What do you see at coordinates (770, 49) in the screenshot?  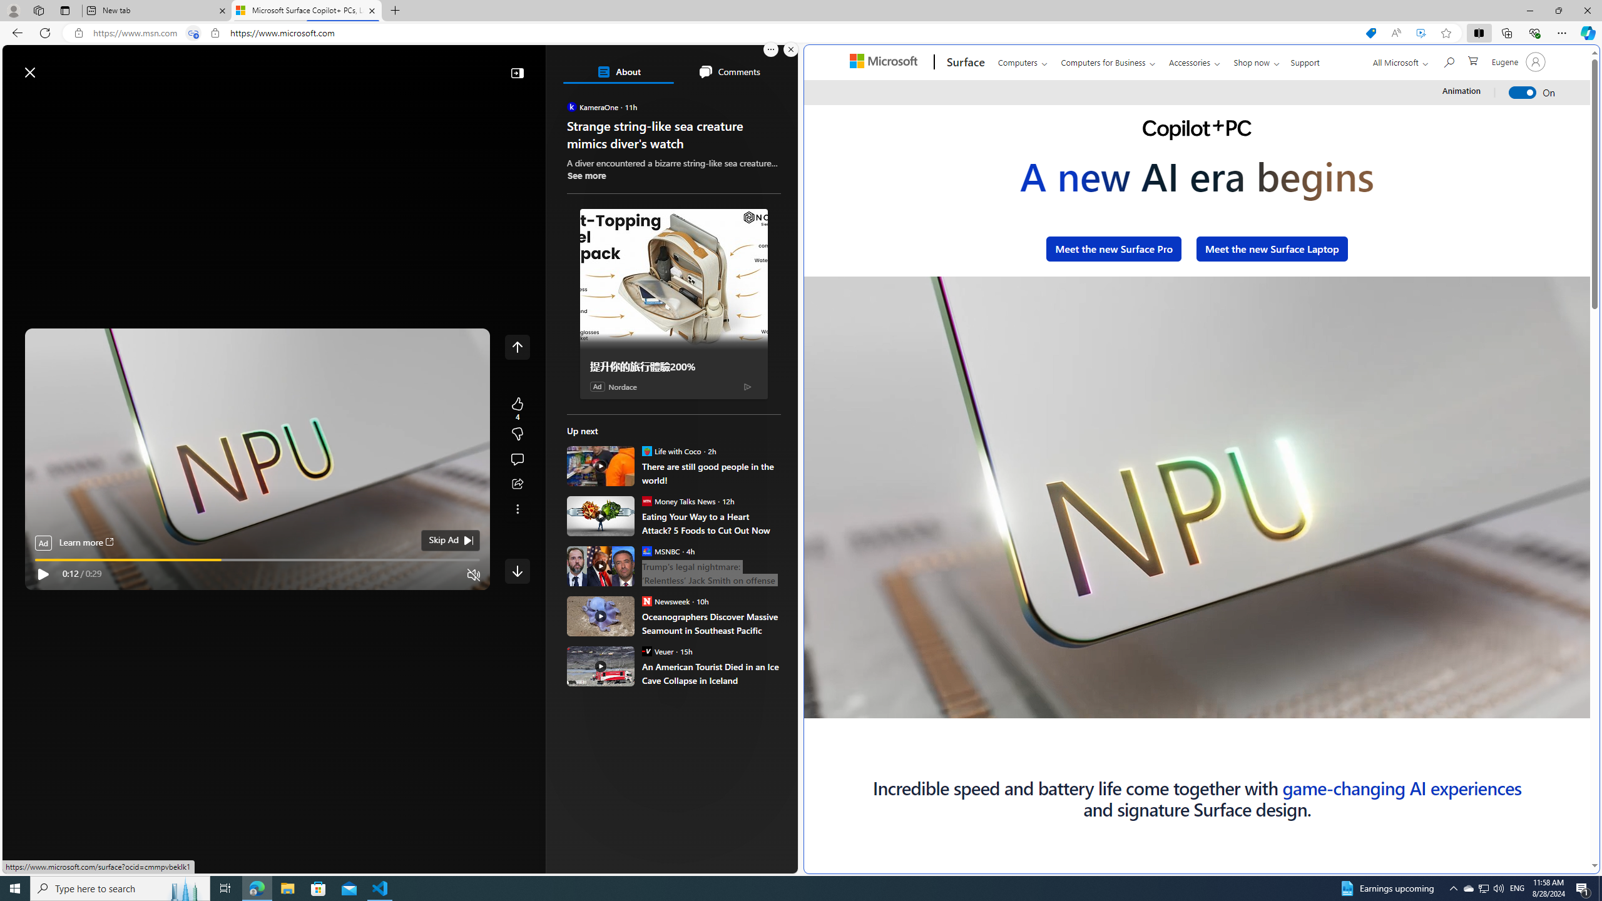 I see `'More options.'` at bounding box center [770, 49].